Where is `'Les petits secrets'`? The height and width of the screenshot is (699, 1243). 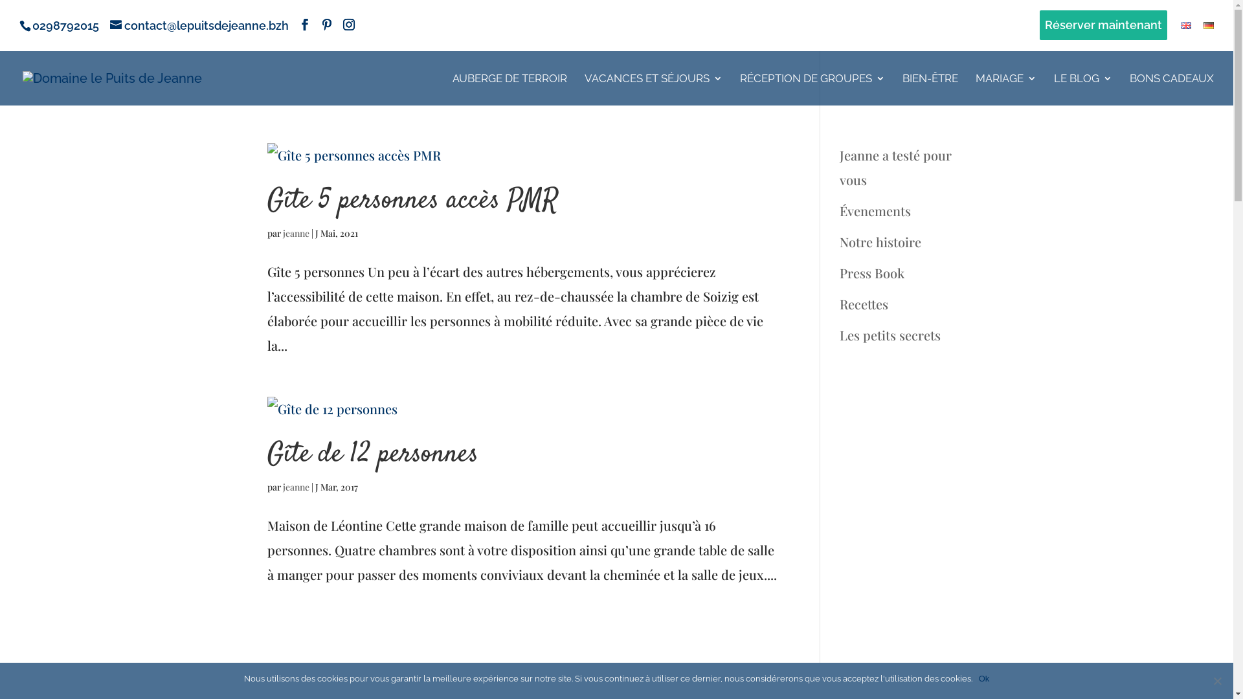 'Les petits secrets' is located at coordinates (889, 334).